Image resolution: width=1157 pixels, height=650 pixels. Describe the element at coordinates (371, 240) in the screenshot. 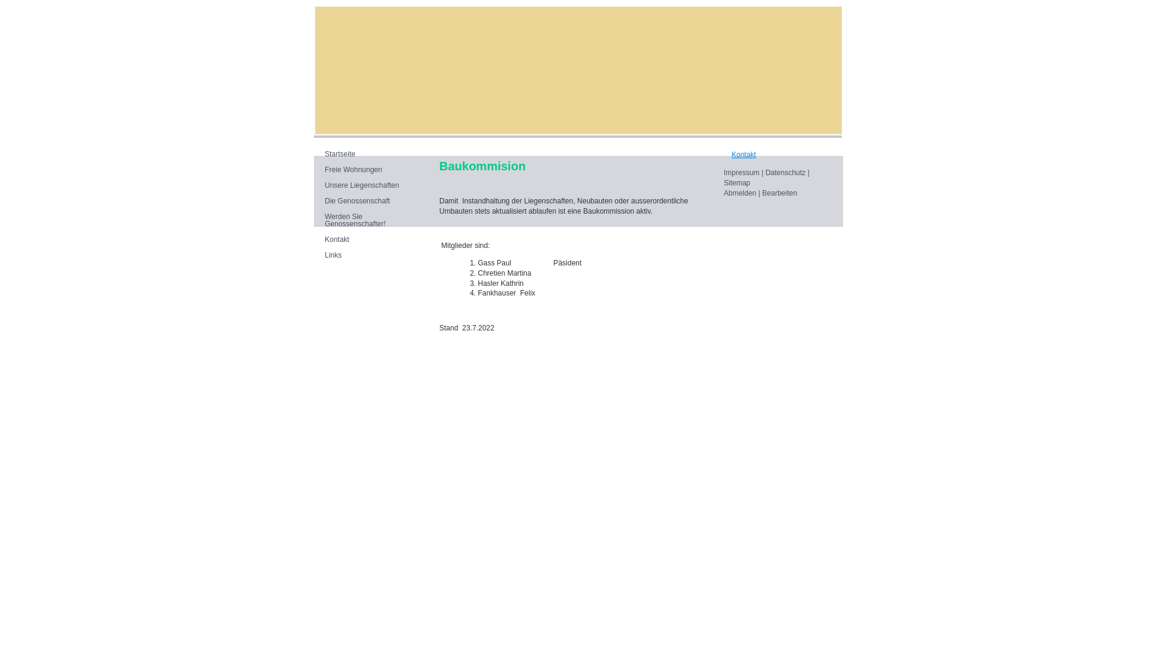

I see `'Kontakt'` at that location.